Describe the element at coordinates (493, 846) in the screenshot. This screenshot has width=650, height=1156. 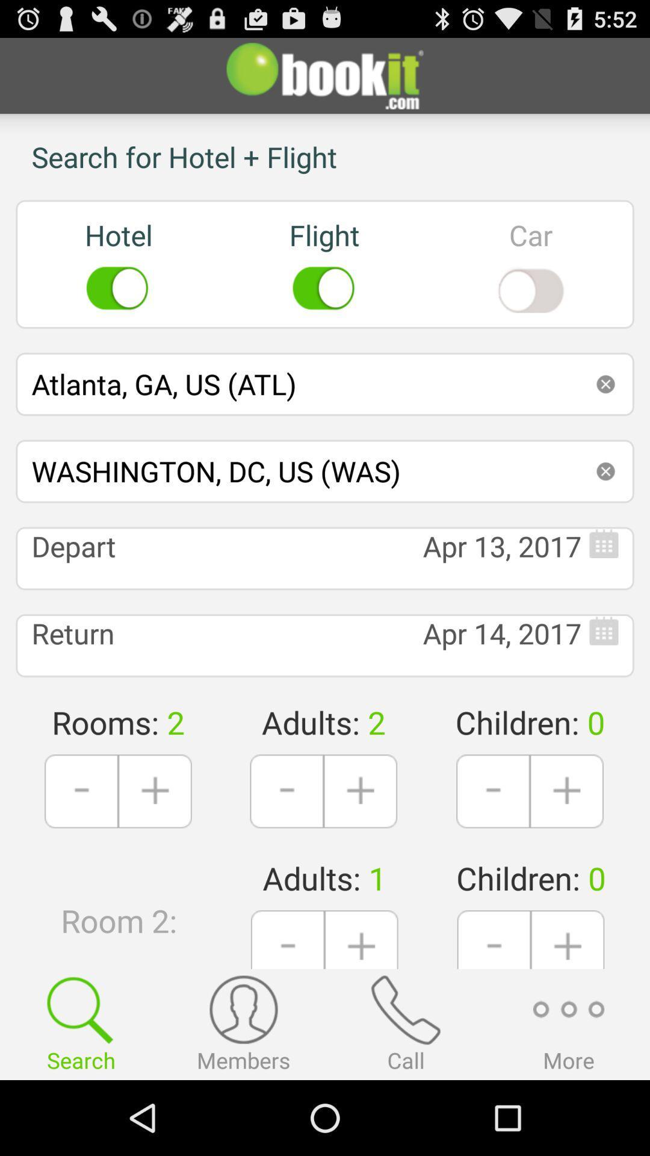
I see `the minus icon` at that location.